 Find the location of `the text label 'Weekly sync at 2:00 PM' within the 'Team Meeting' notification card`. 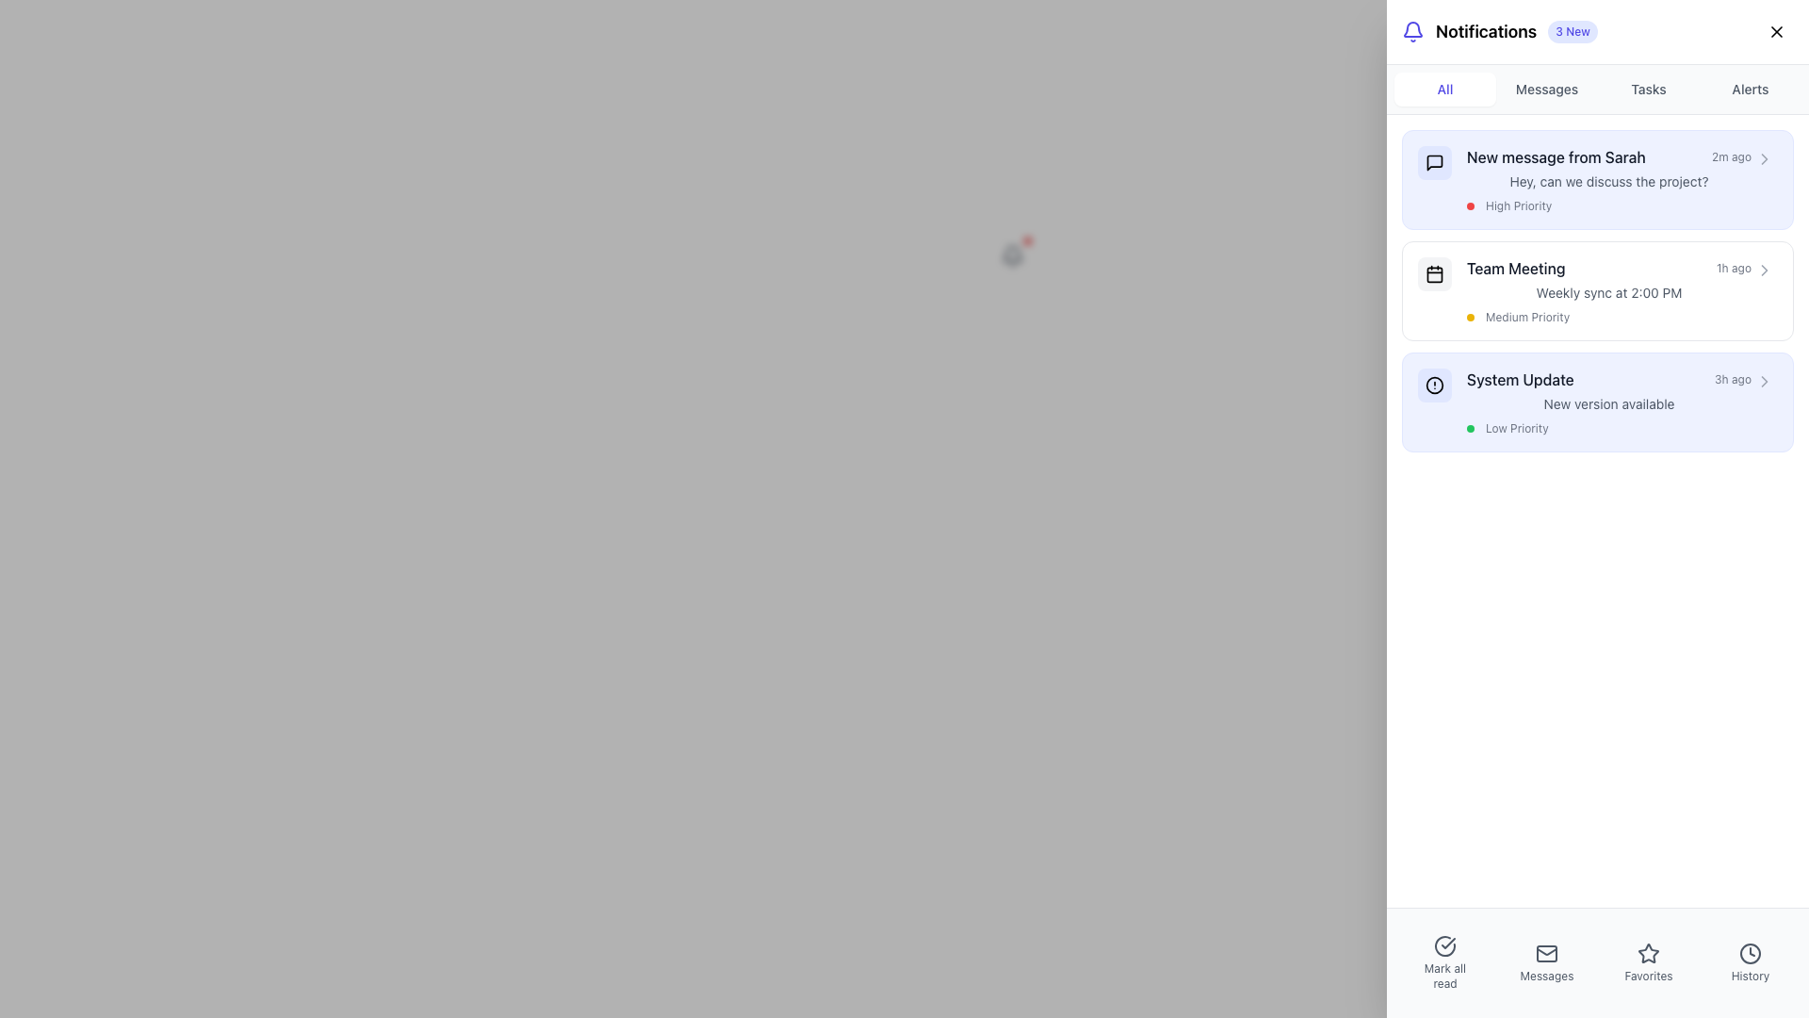

the text label 'Weekly sync at 2:00 PM' within the 'Team Meeting' notification card is located at coordinates (1608, 293).